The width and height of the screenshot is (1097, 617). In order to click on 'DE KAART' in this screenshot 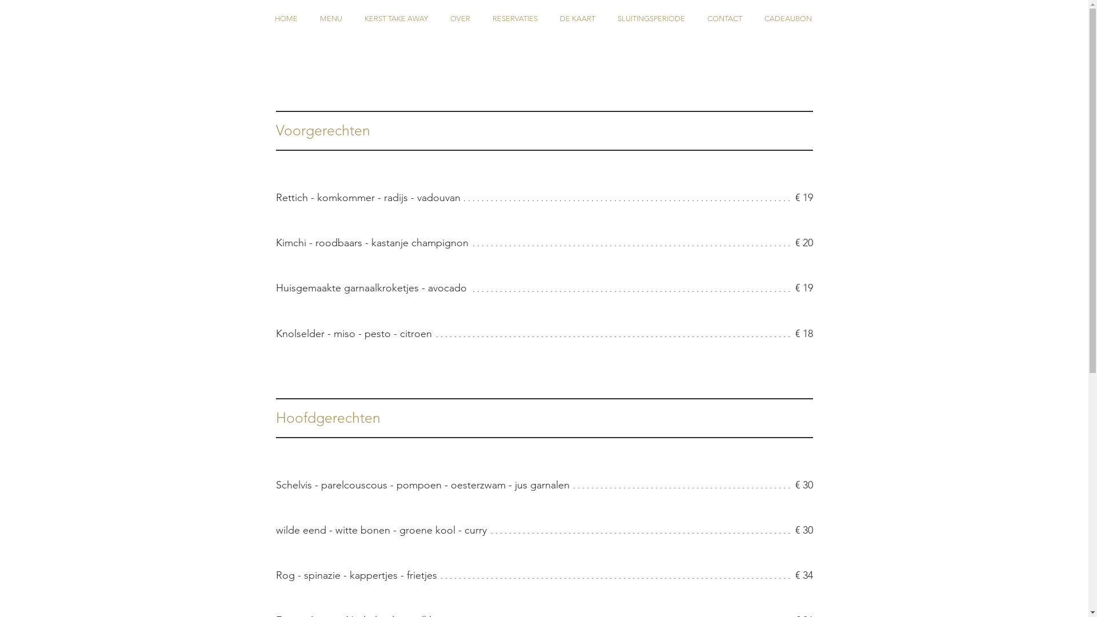, I will do `click(577, 18)`.